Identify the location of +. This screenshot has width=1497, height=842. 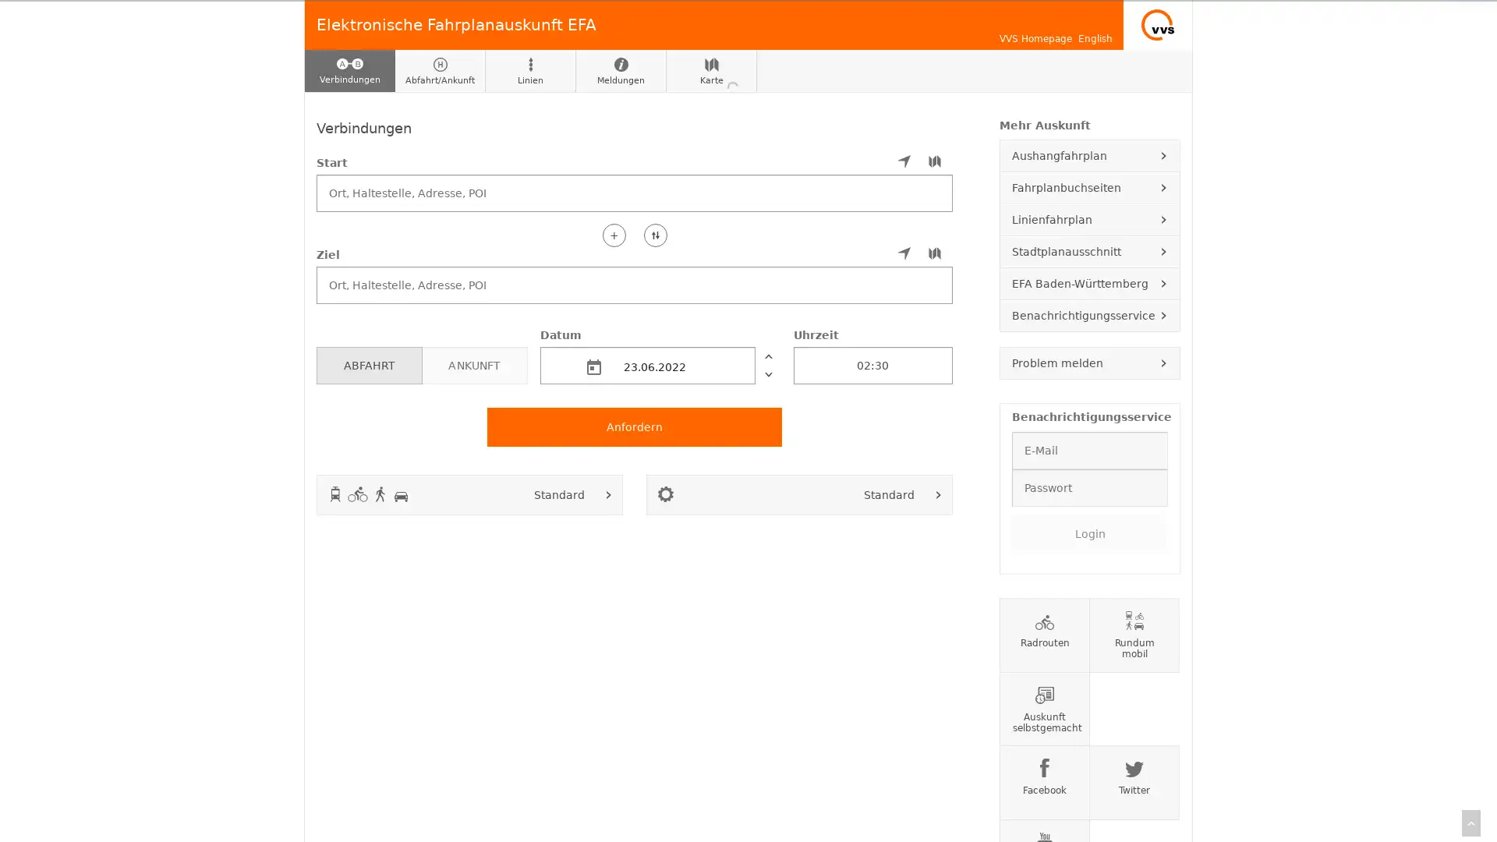
(613, 234).